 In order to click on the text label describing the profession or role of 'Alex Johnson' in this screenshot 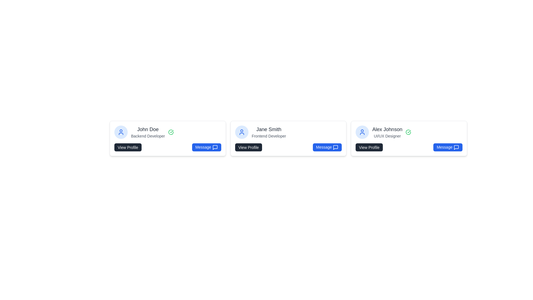, I will do `click(387, 136)`.